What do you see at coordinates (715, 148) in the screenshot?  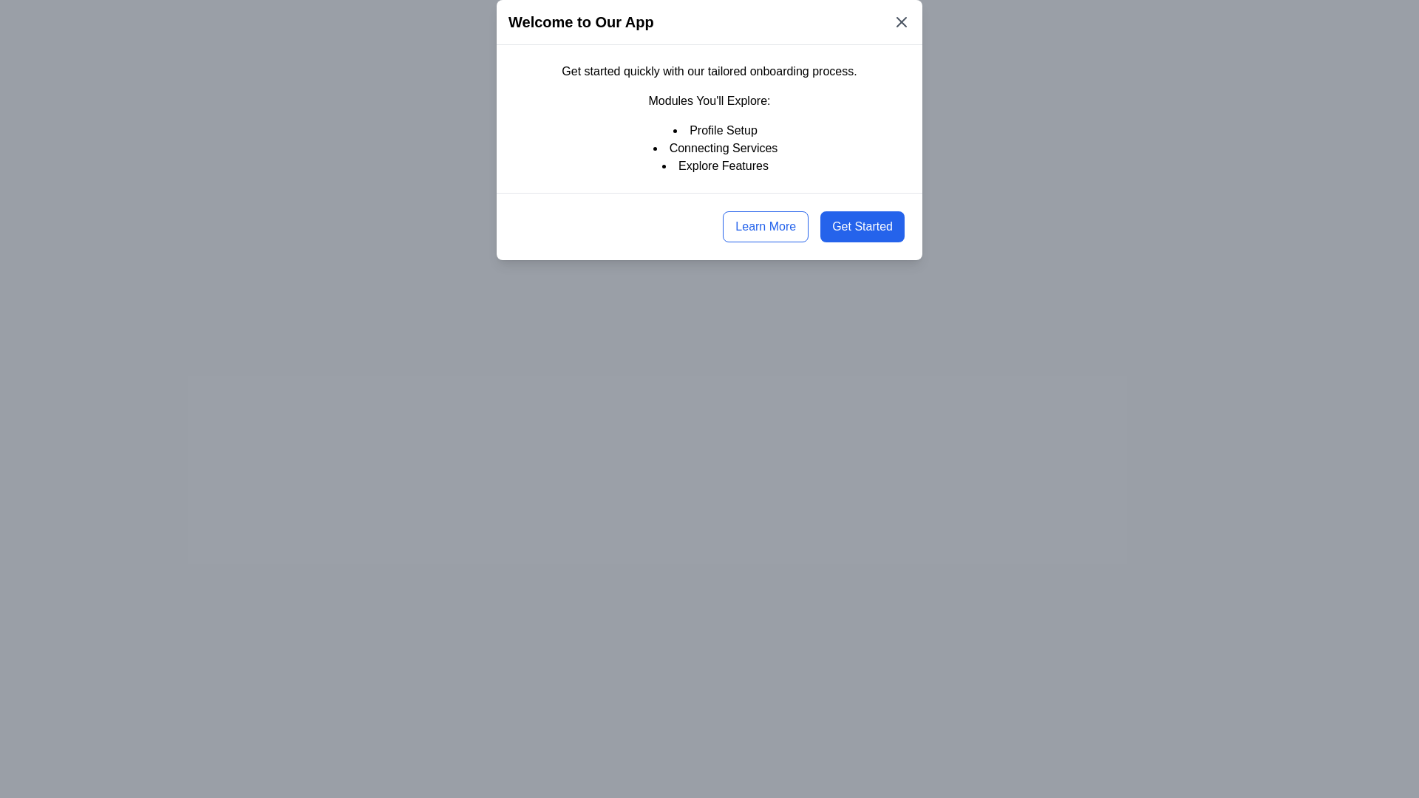 I see `the second item in the ordered list of onboarding modules titled 'Connecting Services', which is positioned below 'Profile Setup' and above 'Explore Features'` at bounding box center [715, 148].